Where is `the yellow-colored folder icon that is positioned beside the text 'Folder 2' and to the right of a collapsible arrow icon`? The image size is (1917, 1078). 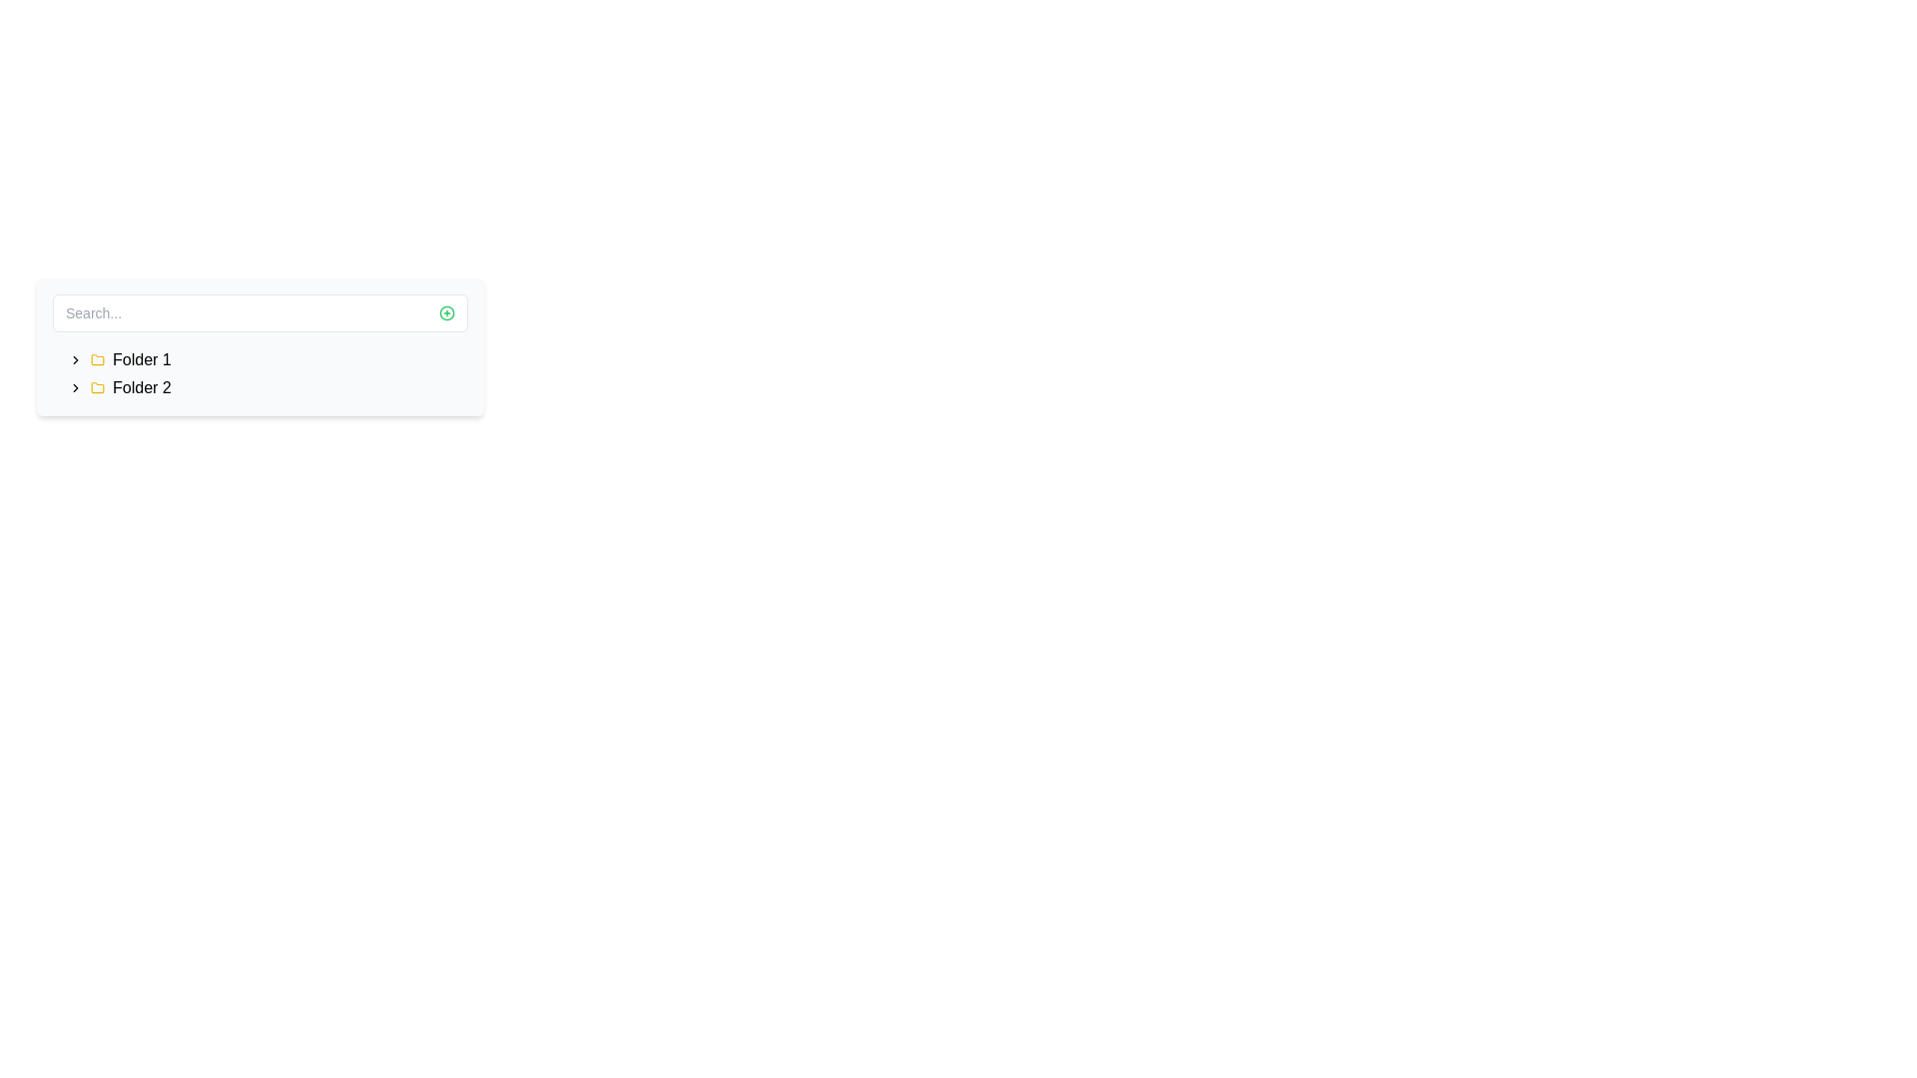
the yellow-colored folder icon that is positioned beside the text 'Folder 2' and to the right of a collapsible arrow icon is located at coordinates (96, 388).